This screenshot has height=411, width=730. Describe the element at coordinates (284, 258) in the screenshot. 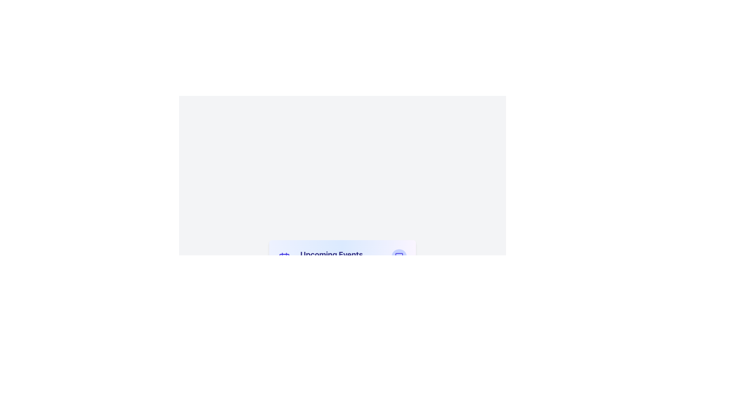

I see `the indigo calendar icon, which has a rectangular outline with rounded corners and a clip-like structure, located to the left of the 'Upcoming Events' text block` at that location.